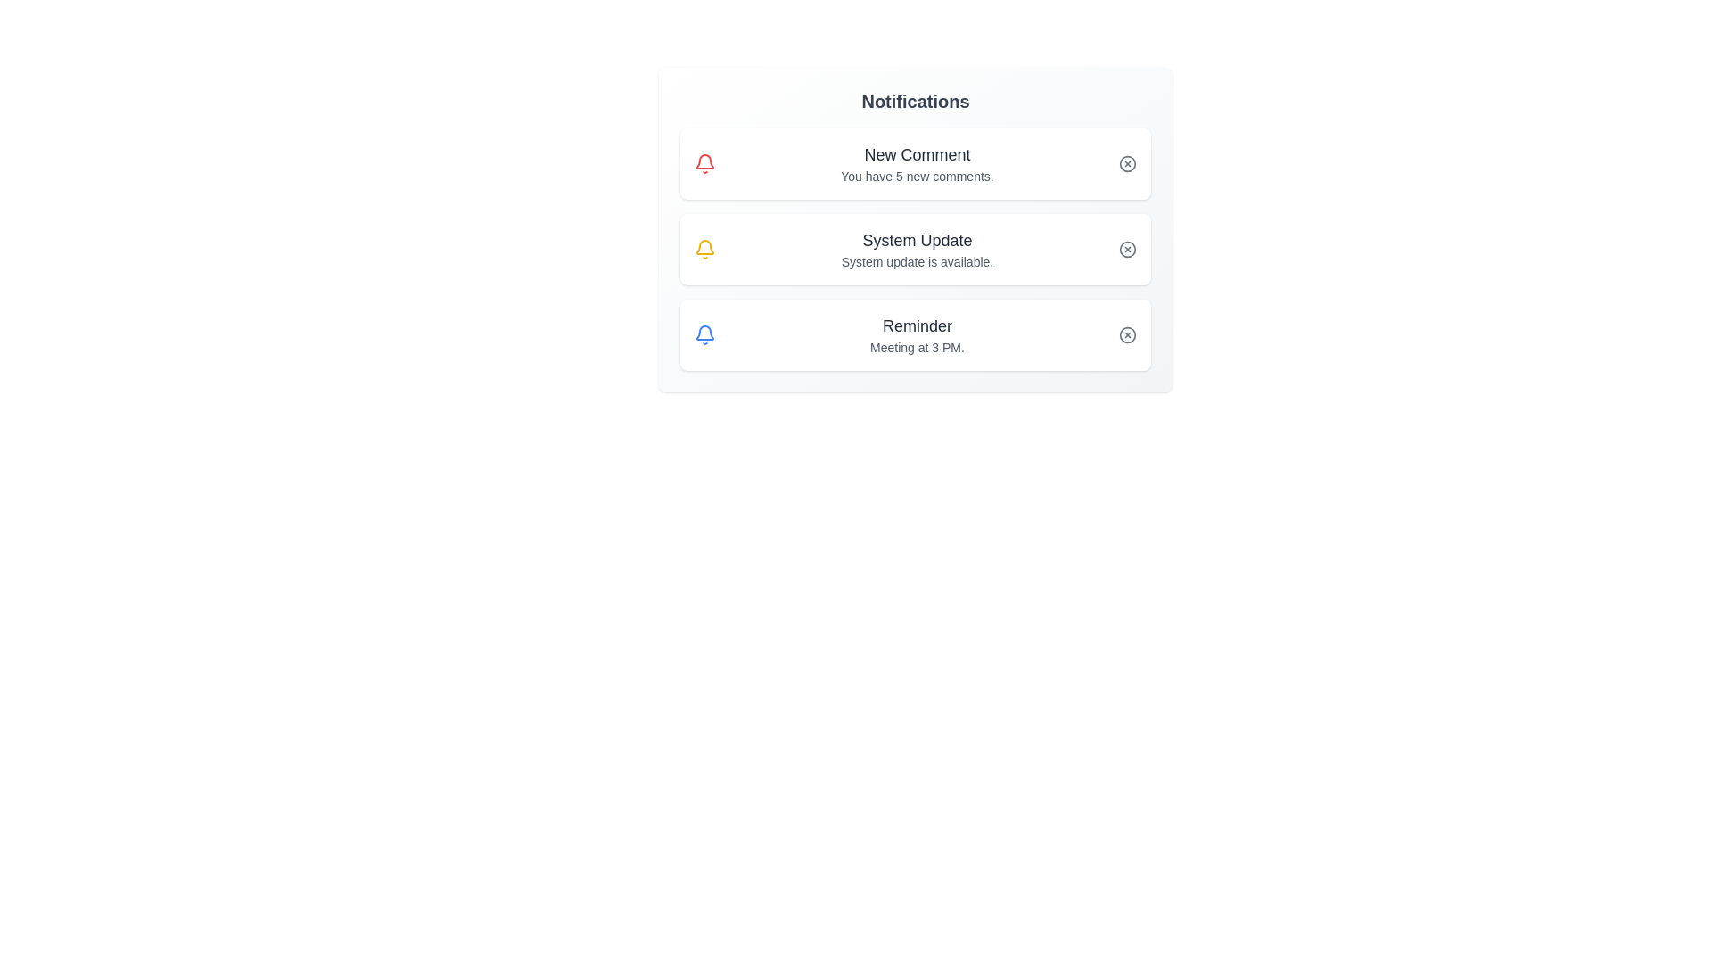 The height and width of the screenshot is (963, 1712). Describe the element at coordinates (917, 164) in the screenshot. I see `notification text displayed in the first notification box from the top, centered horizontally near the top-middle section` at that location.